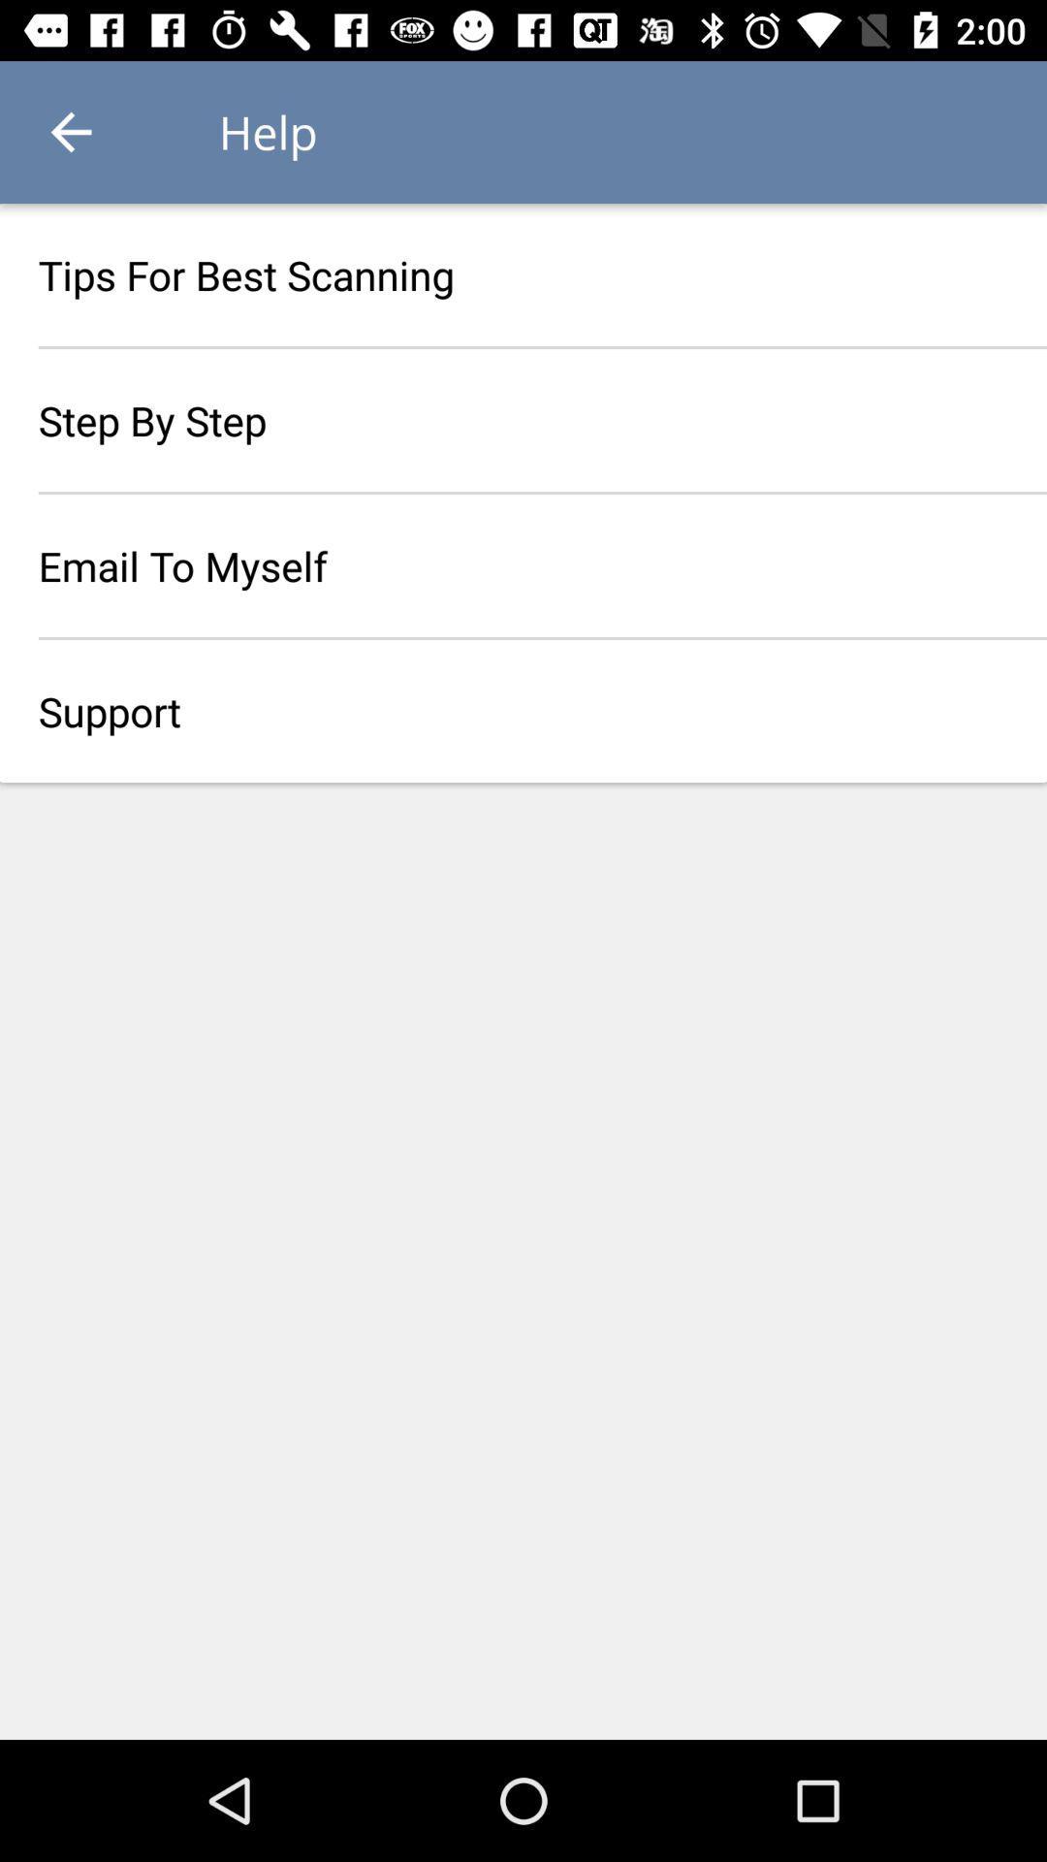 Image resolution: width=1047 pixels, height=1862 pixels. What do you see at coordinates (523, 273) in the screenshot?
I see `tips for best icon` at bounding box center [523, 273].